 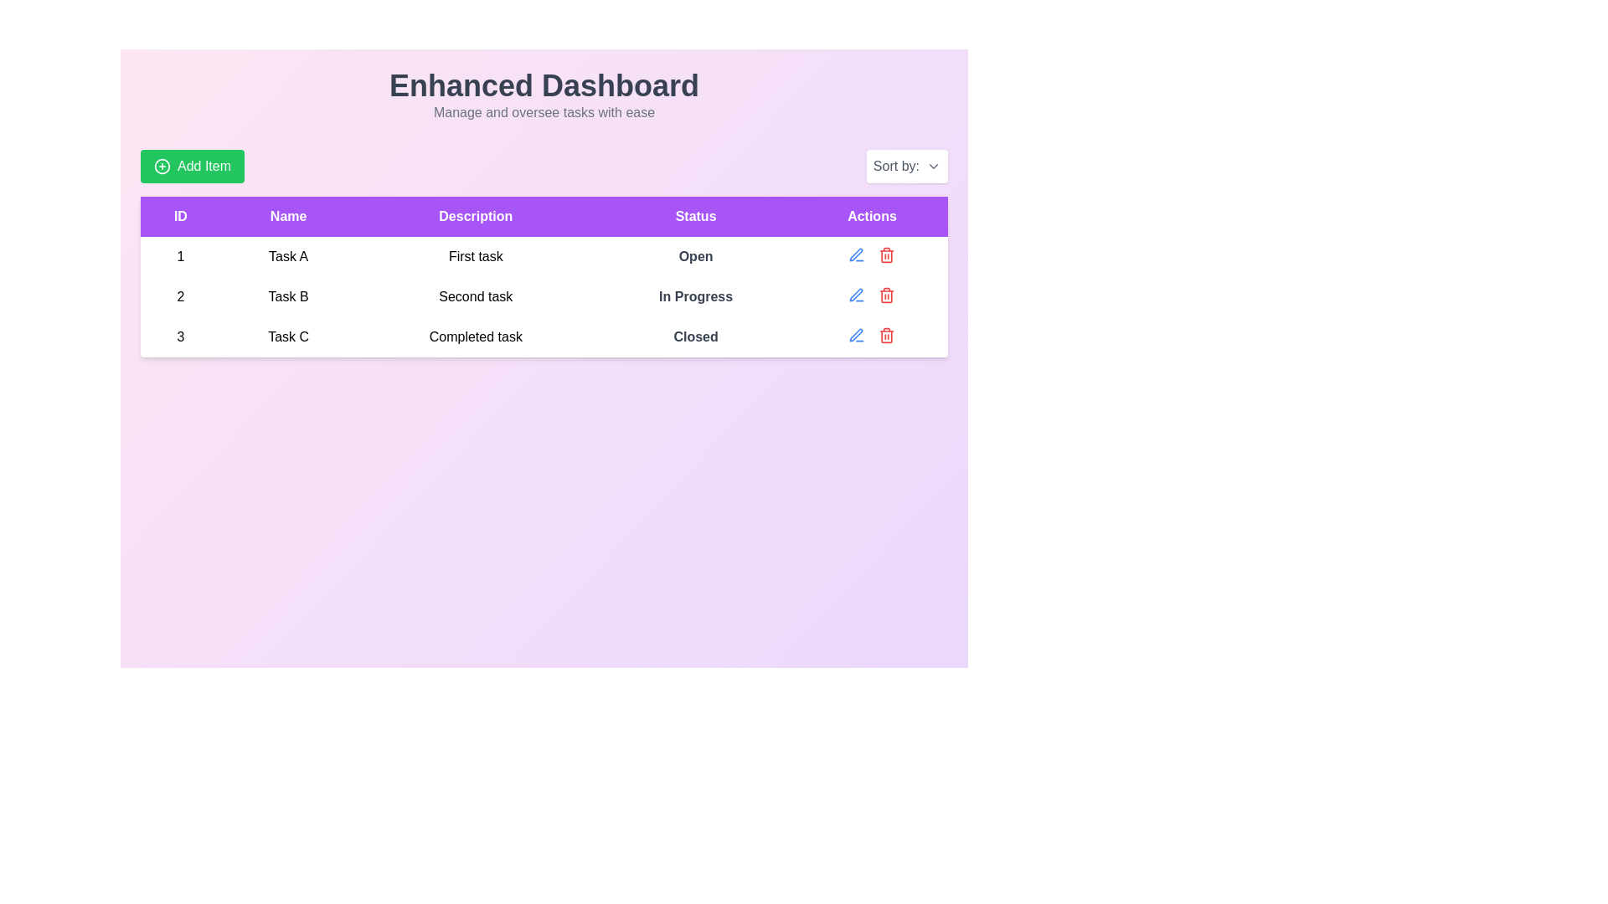 I want to click on the static text label that represents the progress status of the associated task, located in the second row under the 'Status' column of the table, so click(x=696, y=295).